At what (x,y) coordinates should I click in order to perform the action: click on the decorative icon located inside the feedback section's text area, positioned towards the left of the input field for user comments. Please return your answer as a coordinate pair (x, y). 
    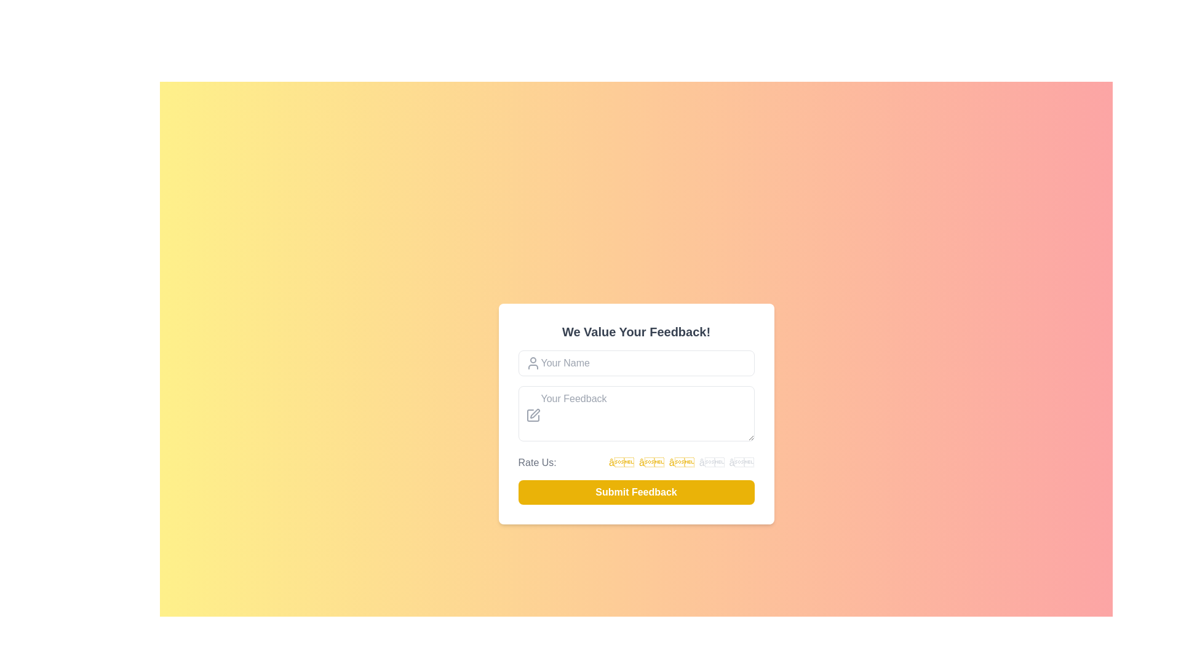
    Looking at the image, I should click on (533, 415).